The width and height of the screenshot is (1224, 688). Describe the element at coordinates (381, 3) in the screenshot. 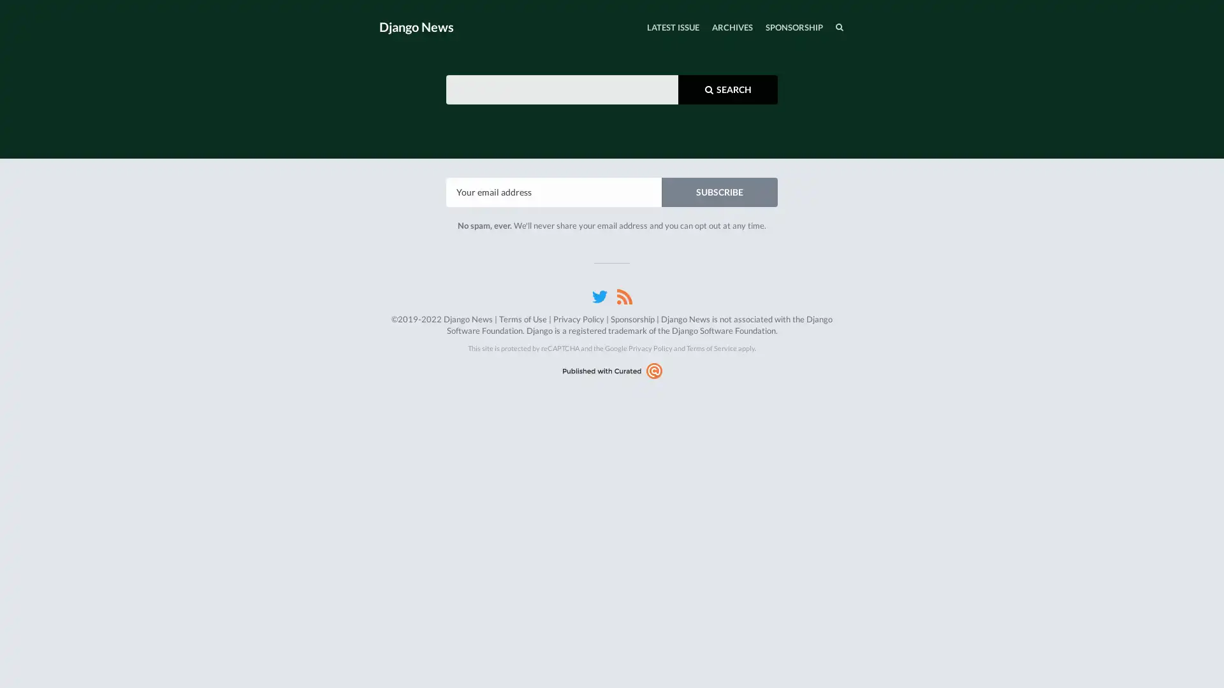

I see `TOGGLE MENU` at that location.